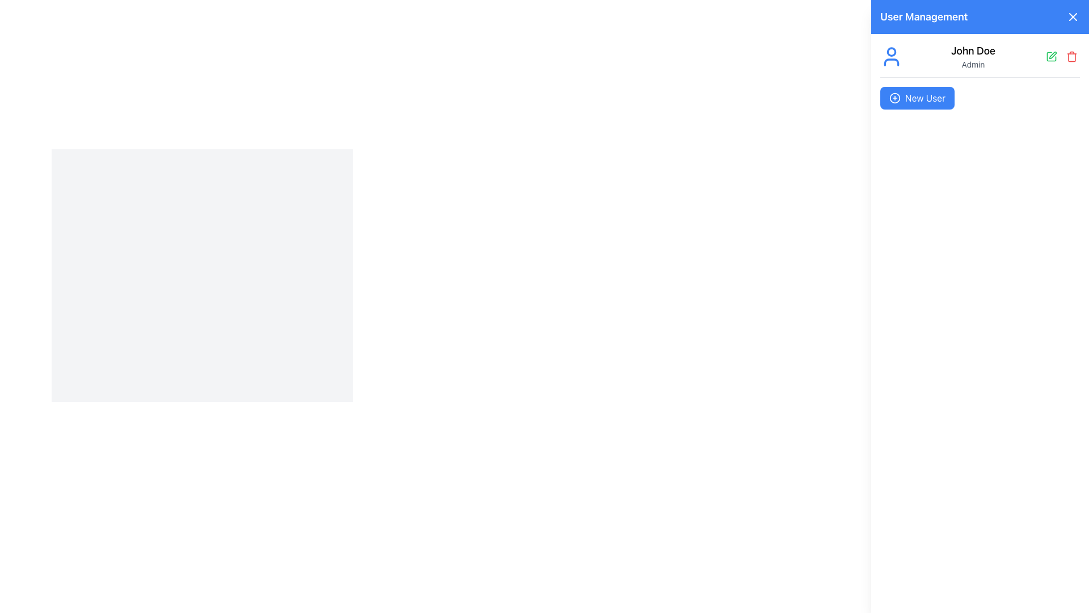  Describe the element at coordinates (973, 57) in the screenshot. I see `the Text Display element that shows the user profile name 'John Doe' and the role 'Admin' in the User Management section` at that location.